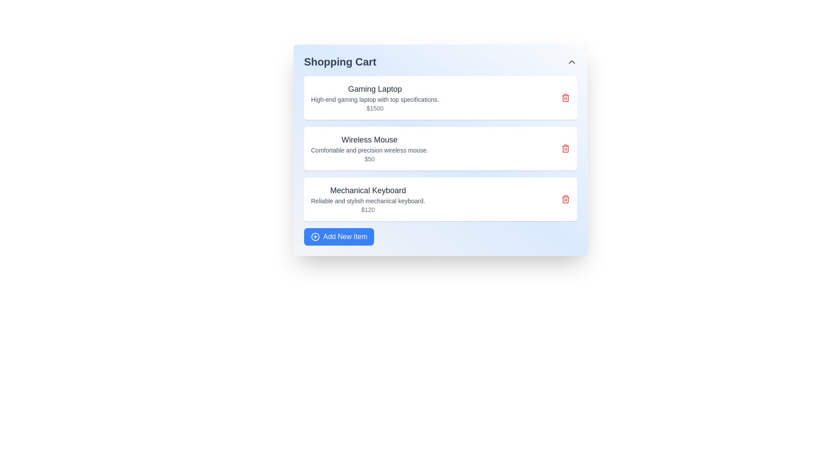  What do you see at coordinates (368, 199) in the screenshot?
I see `information displayed in the informational area titled 'Mechanical Keyboard', which includes the description 'Reliable and stylish mechanical keyboard.' and the price '$120'` at bounding box center [368, 199].